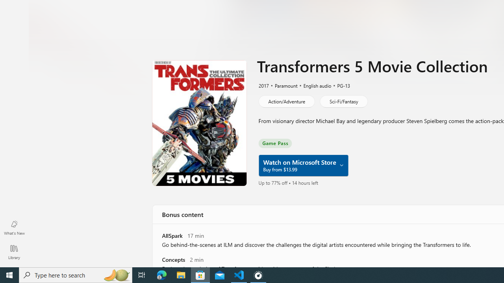  What do you see at coordinates (263, 85) in the screenshot?
I see `'2017'` at bounding box center [263, 85].